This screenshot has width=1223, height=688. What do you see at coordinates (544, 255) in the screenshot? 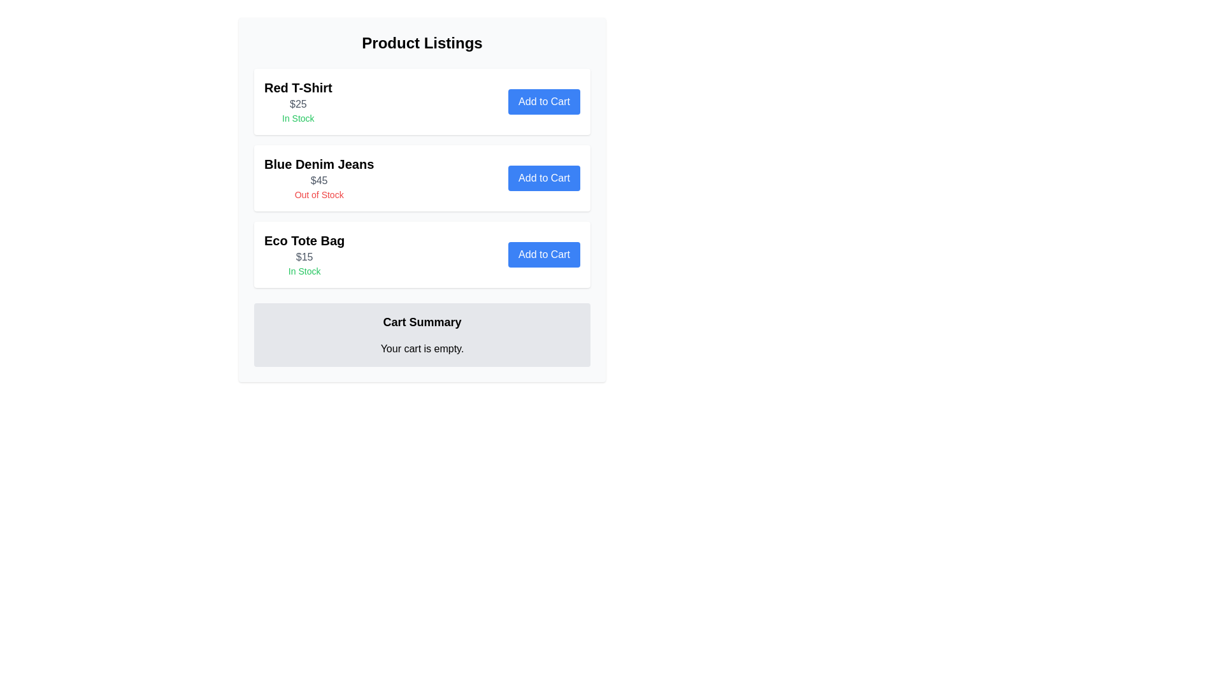
I see `the 'Add to Cart' button, which is a rectangular button with white text on a blue background, located at the bottom right of the product details for 'Eco Tote Bag'` at bounding box center [544, 255].